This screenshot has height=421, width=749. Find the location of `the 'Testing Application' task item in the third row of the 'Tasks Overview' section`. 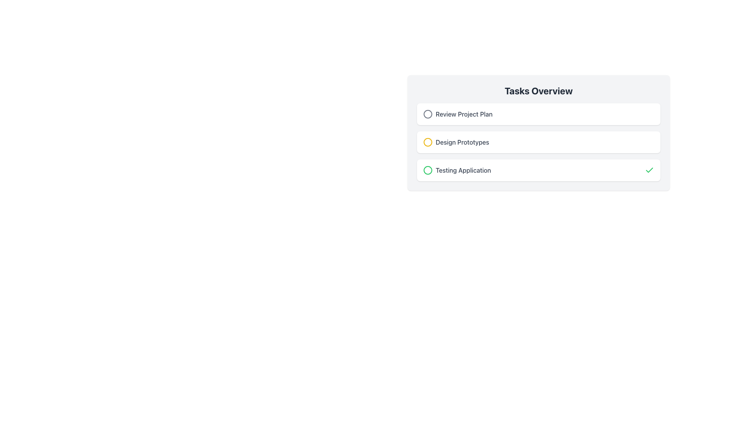

the 'Testing Application' task item in the third row of the 'Tasks Overview' section is located at coordinates (457, 170).